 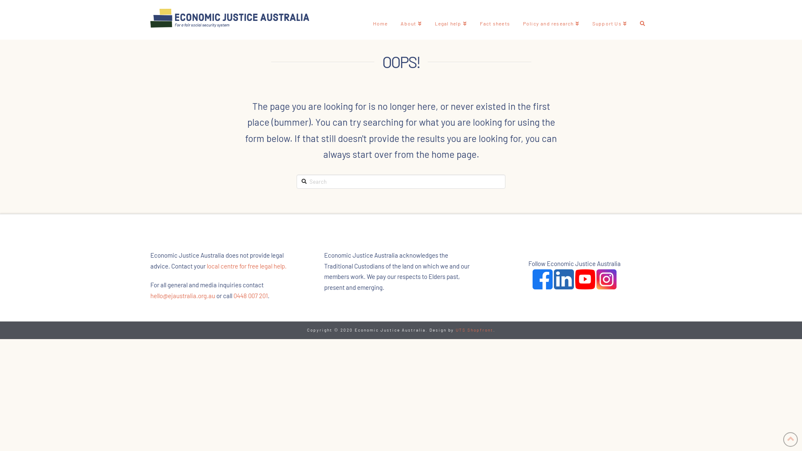 What do you see at coordinates (411, 19) in the screenshot?
I see `'About'` at bounding box center [411, 19].